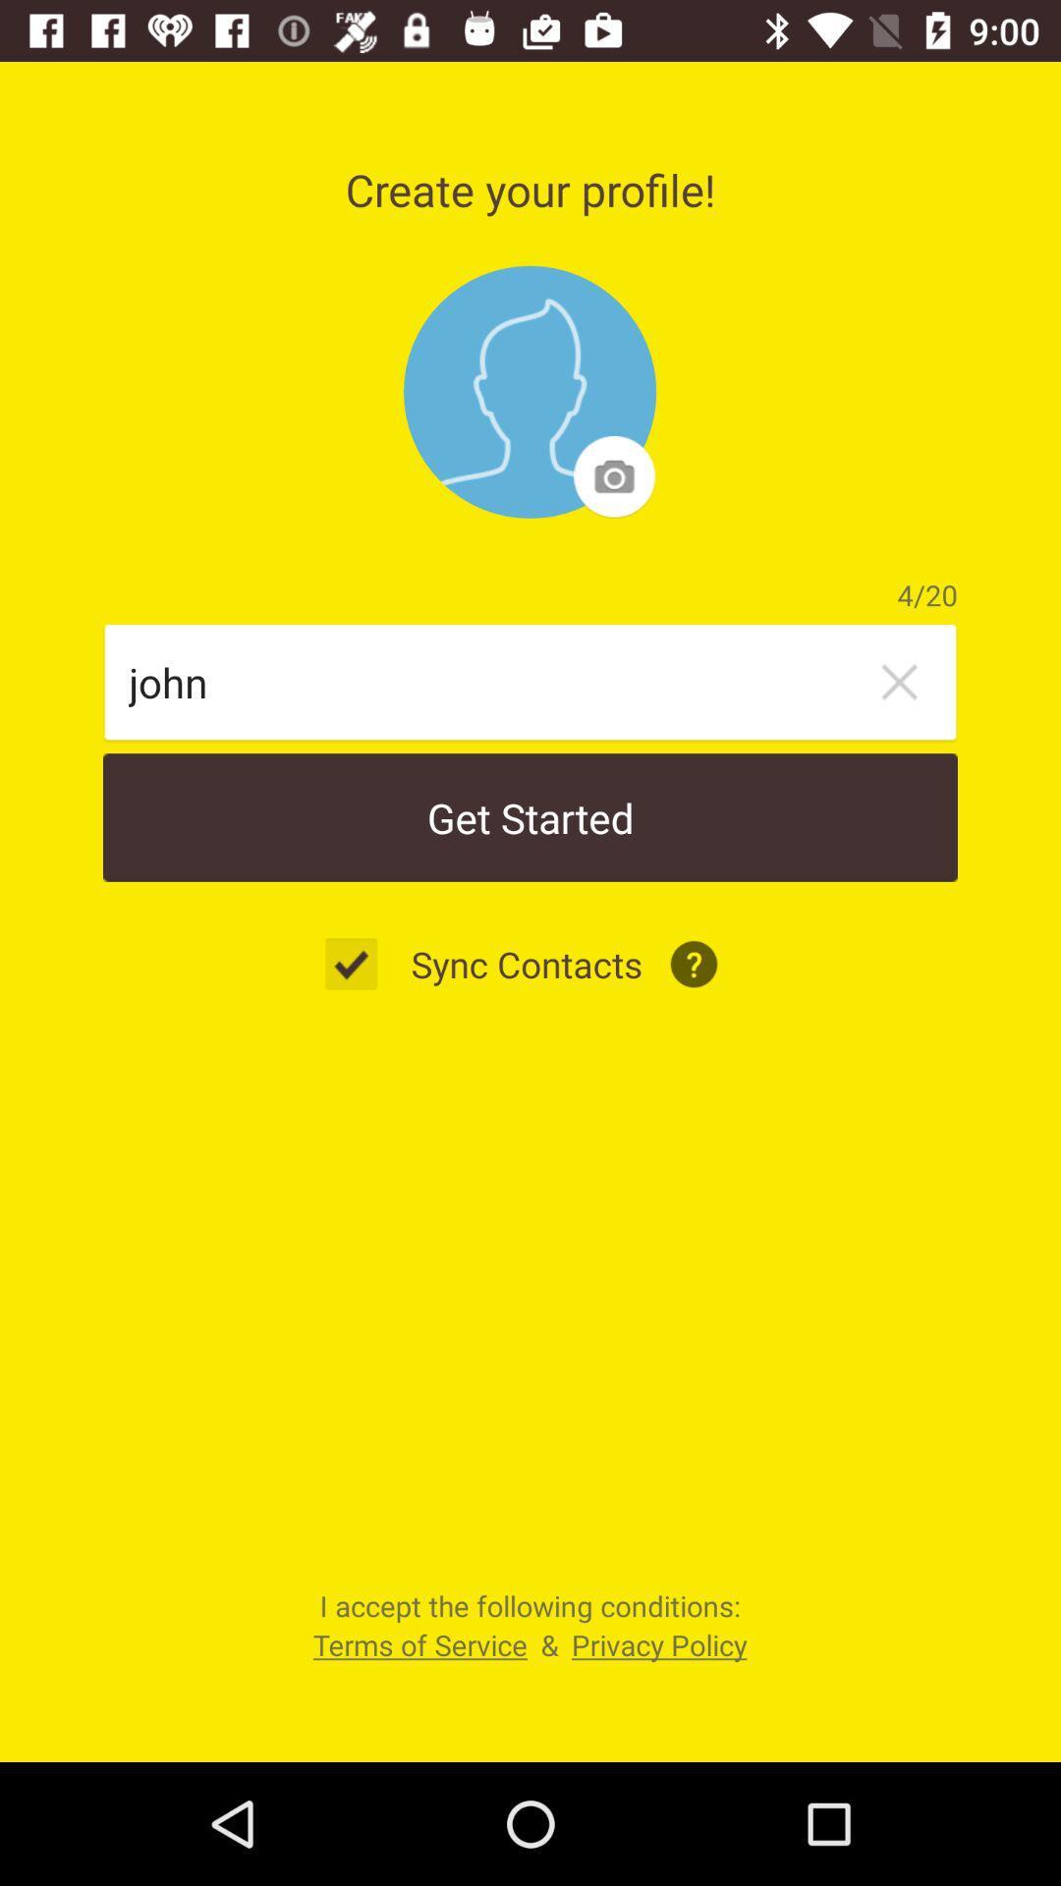 The height and width of the screenshot is (1886, 1061). What do you see at coordinates (659, 1644) in the screenshot?
I see `privacy policy icon` at bounding box center [659, 1644].